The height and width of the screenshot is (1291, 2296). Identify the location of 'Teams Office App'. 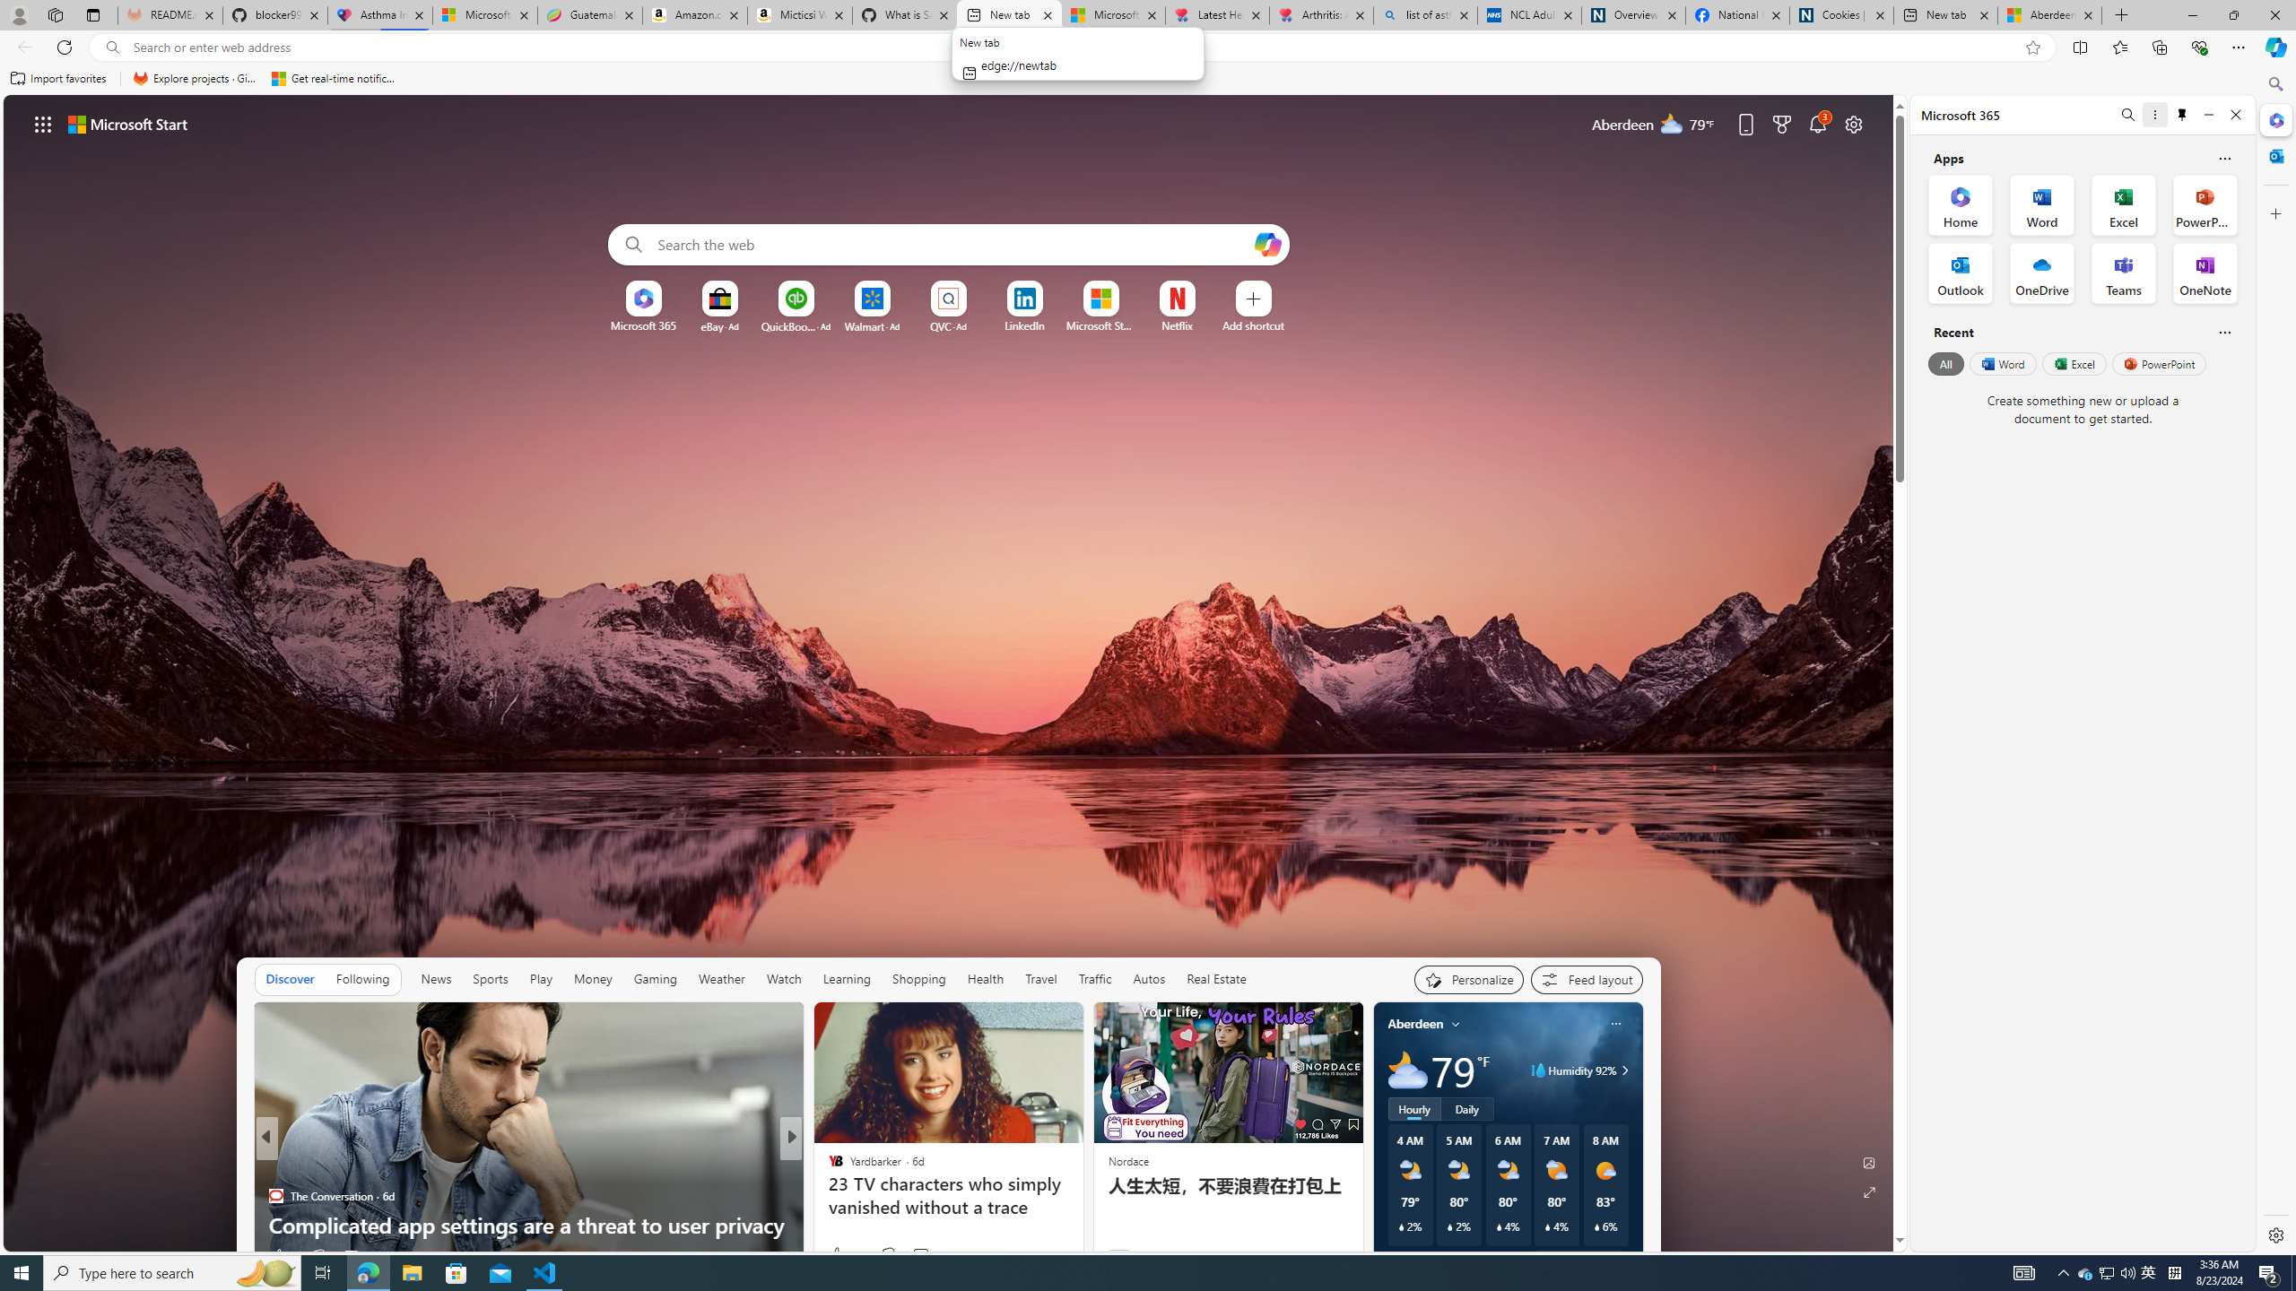
(2124, 272).